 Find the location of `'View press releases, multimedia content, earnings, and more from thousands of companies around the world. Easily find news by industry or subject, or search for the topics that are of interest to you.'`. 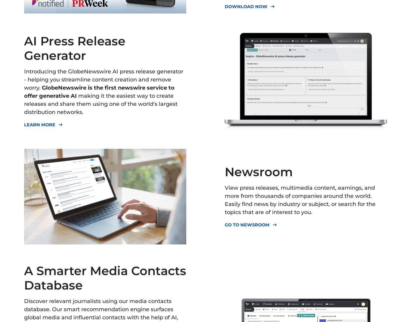

'View press releases, multimedia content, earnings, and more from thousands of companies around the world. Easily find news by industry or subject, or search for the topics that are of interest to you.' is located at coordinates (300, 200).